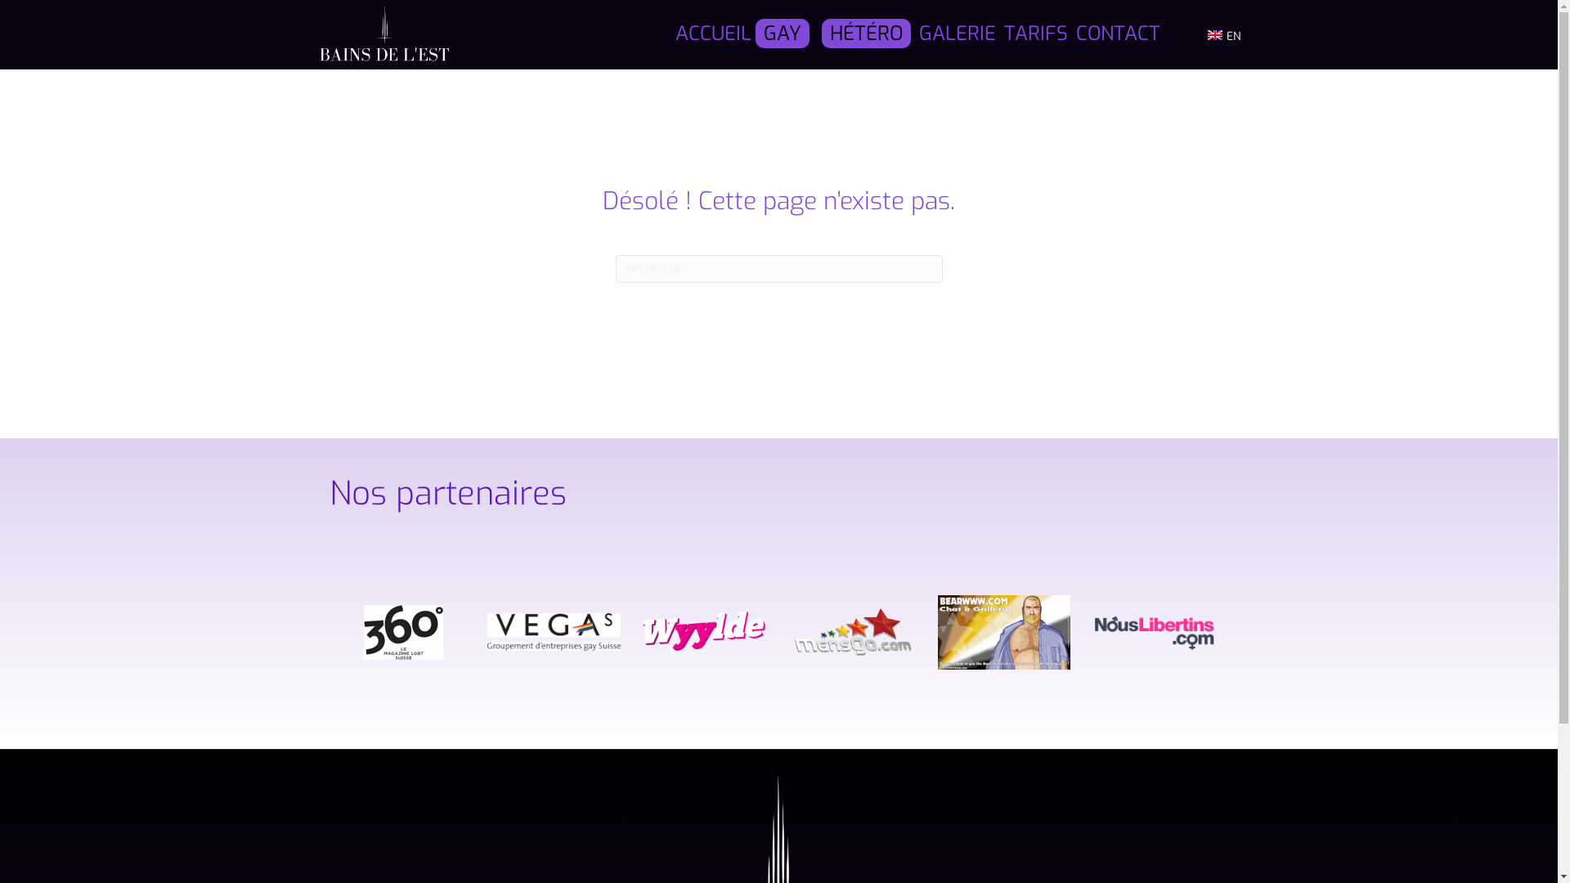 The image size is (1570, 883). I want to click on 'ACCUEIL', so click(713, 34).